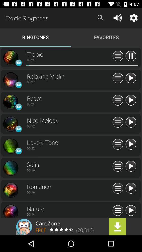 The height and width of the screenshot is (252, 142). What do you see at coordinates (130, 78) in the screenshot?
I see `the second button which is right to relaxing violin` at bounding box center [130, 78].